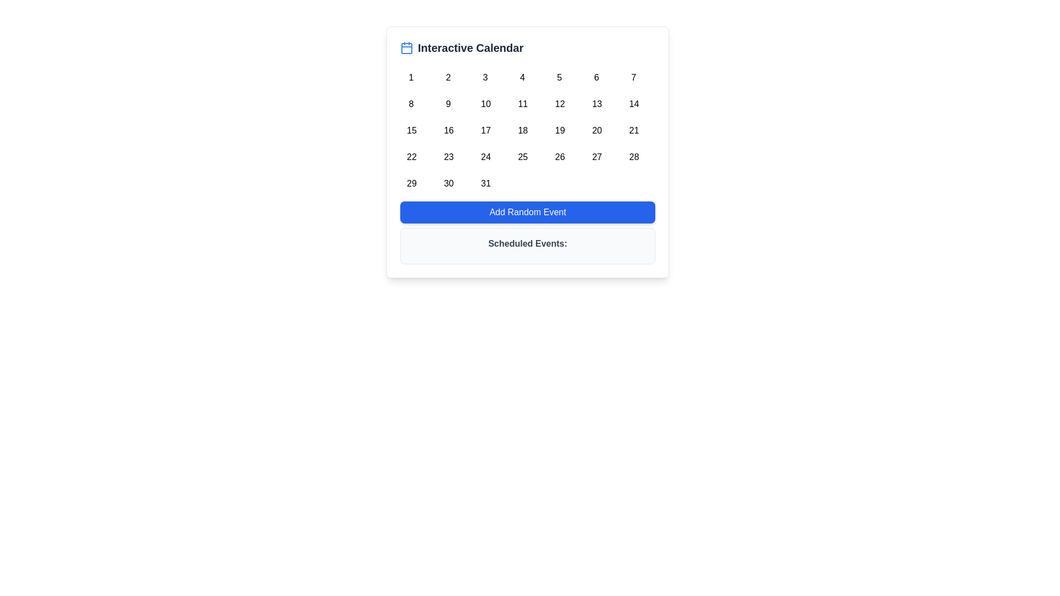  What do you see at coordinates (559, 75) in the screenshot?
I see `the square button labeled '5' in the first row of the calendar grid` at bounding box center [559, 75].